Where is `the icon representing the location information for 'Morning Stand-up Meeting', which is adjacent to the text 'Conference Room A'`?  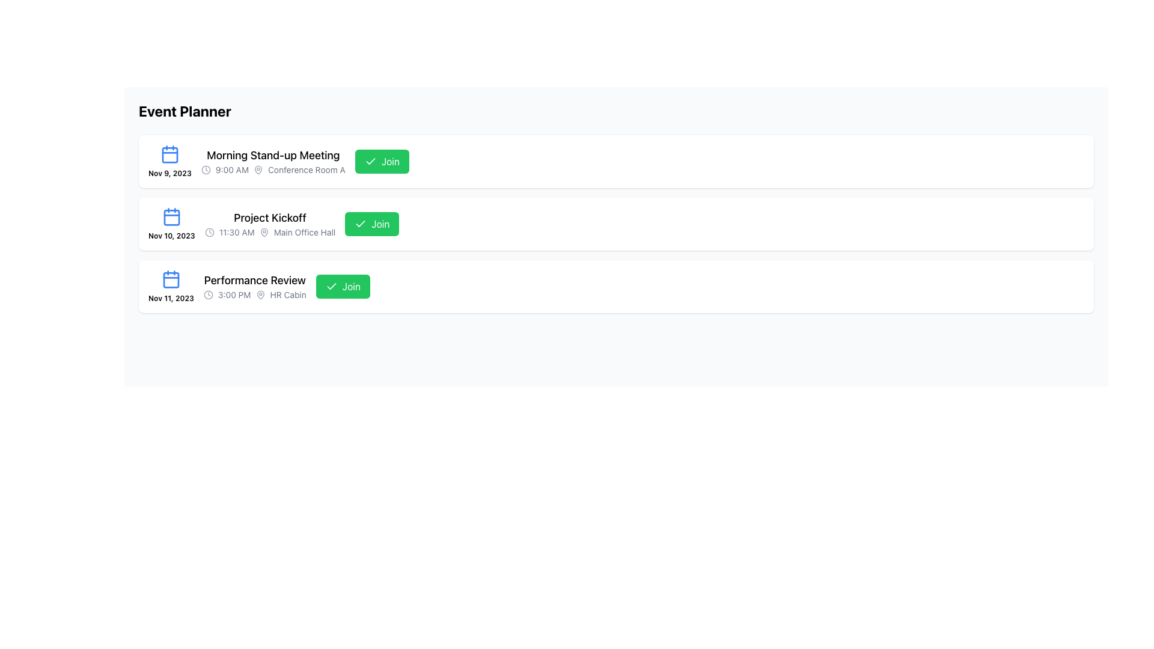 the icon representing the location information for 'Morning Stand-up Meeting', which is adjacent to the text 'Conference Room A' is located at coordinates (258, 169).